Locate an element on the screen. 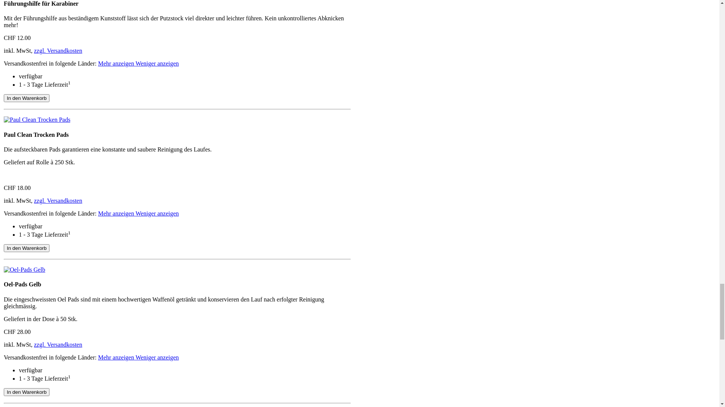  'Produkte' is located at coordinates (26, 104).